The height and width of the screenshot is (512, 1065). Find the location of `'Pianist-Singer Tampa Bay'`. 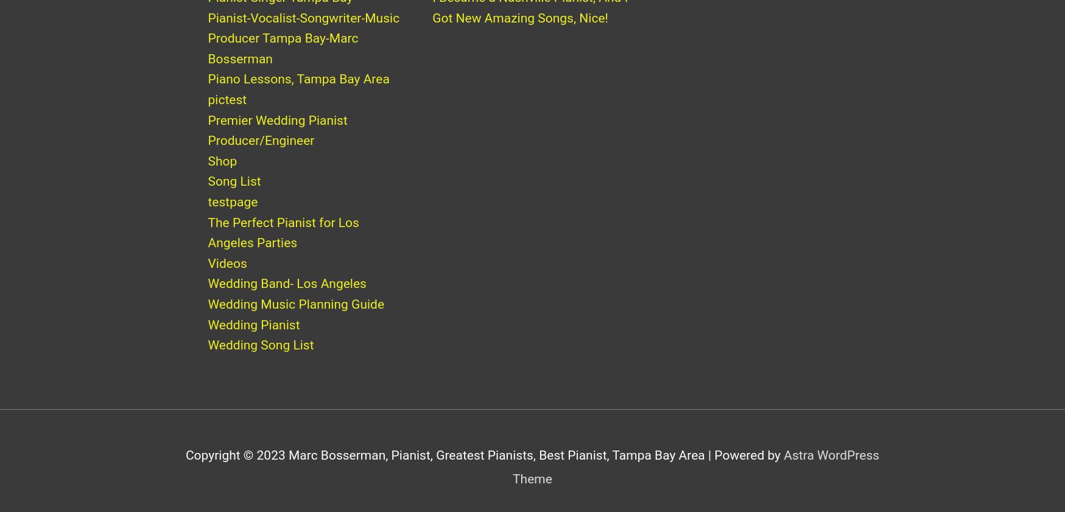

'Pianist-Singer Tampa Bay' is located at coordinates (279, 9).